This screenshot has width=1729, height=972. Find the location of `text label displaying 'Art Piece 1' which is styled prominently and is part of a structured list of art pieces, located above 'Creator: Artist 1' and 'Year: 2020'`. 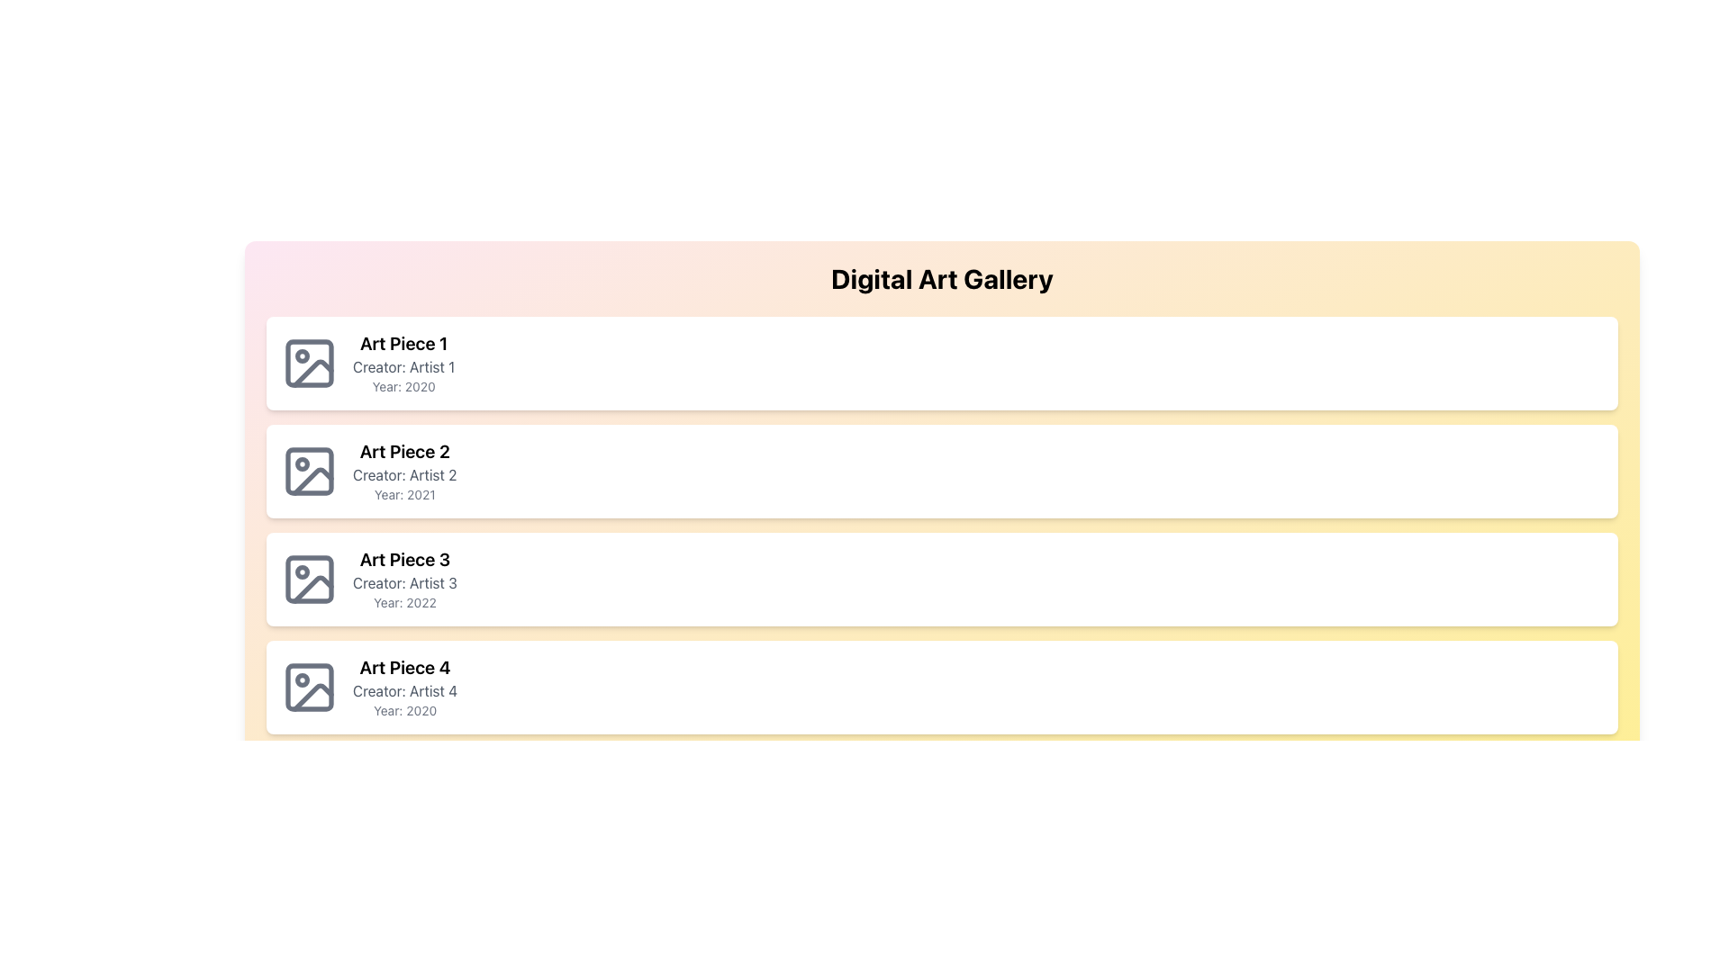

text label displaying 'Art Piece 1' which is styled prominently and is part of a structured list of art pieces, located above 'Creator: Artist 1' and 'Year: 2020' is located at coordinates (403, 343).